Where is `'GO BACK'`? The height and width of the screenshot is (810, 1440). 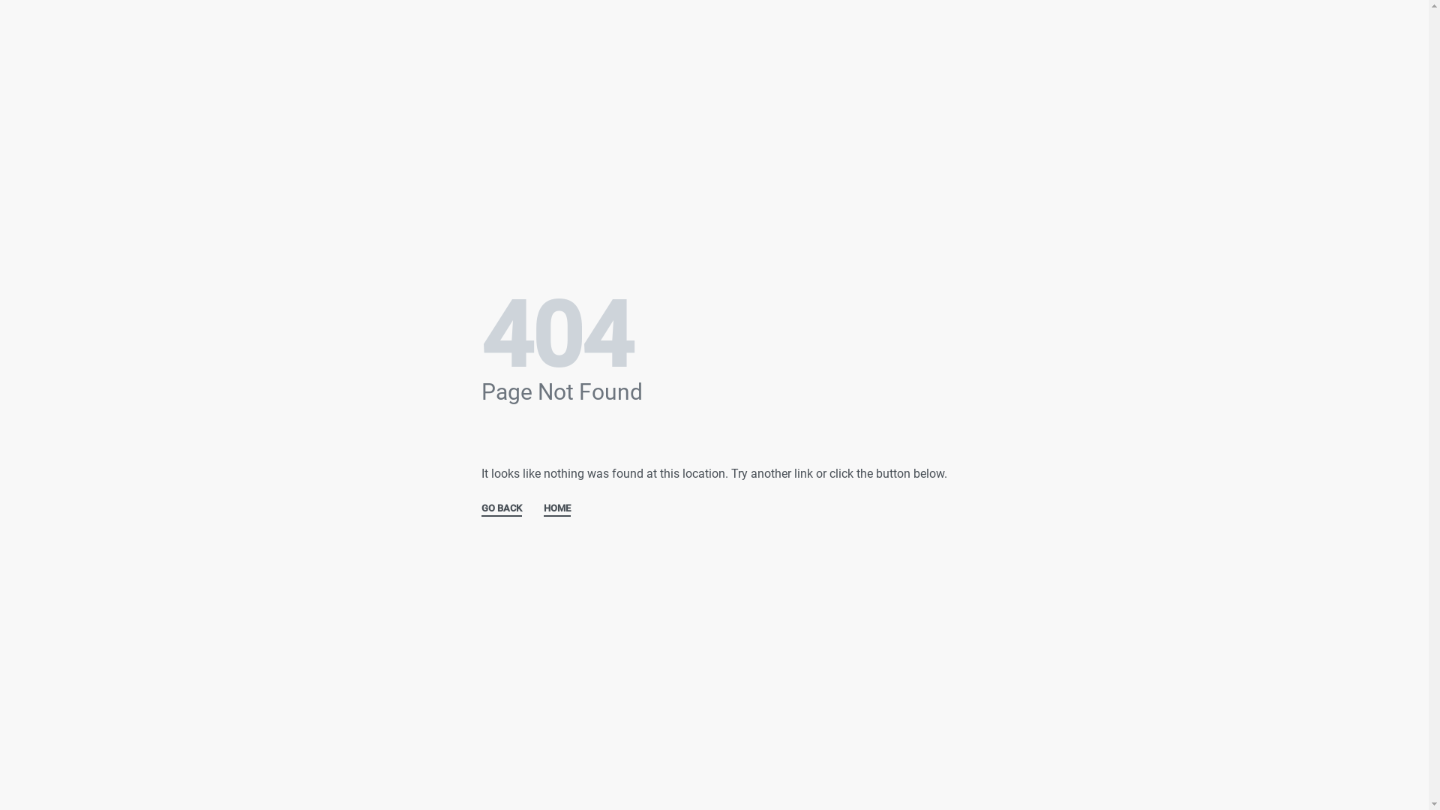 'GO BACK' is located at coordinates (501, 508).